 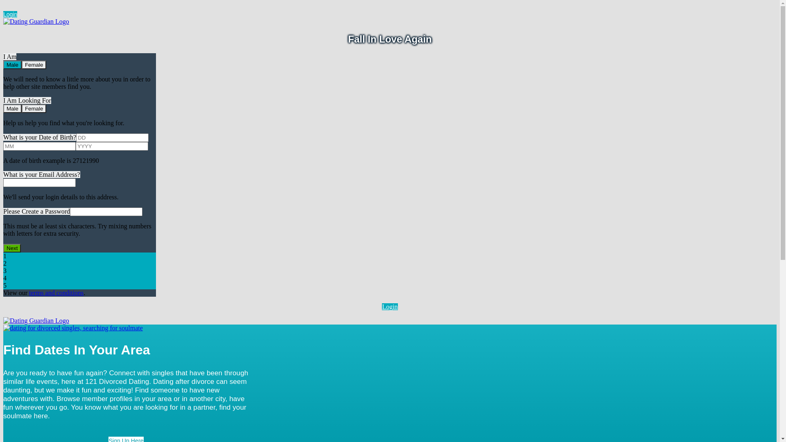 What do you see at coordinates (12, 108) in the screenshot?
I see `'Male'` at bounding box center [12, 108].